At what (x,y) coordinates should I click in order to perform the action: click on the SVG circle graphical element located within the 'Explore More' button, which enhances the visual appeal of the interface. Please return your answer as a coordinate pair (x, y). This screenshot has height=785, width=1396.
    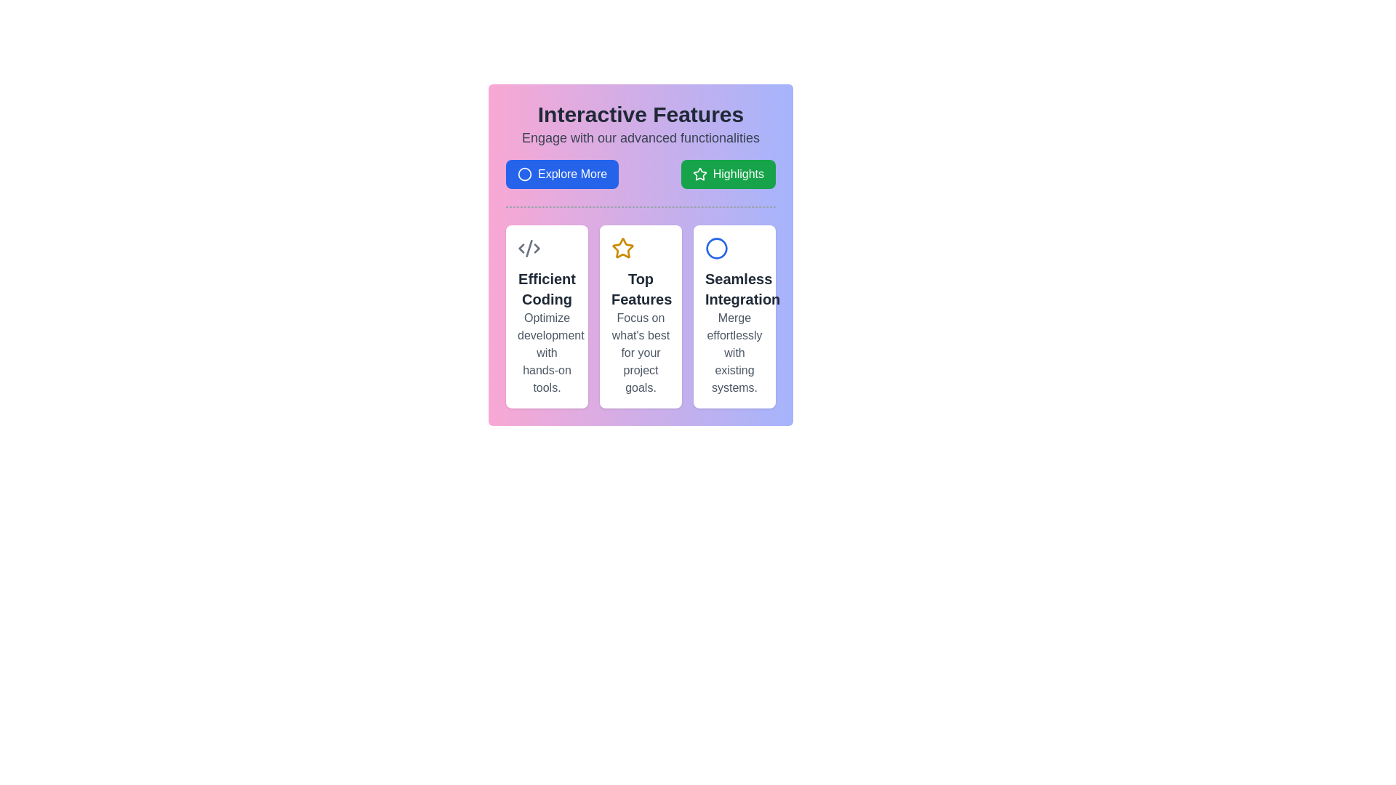
    Looking at the image, I should click on (523, 173).